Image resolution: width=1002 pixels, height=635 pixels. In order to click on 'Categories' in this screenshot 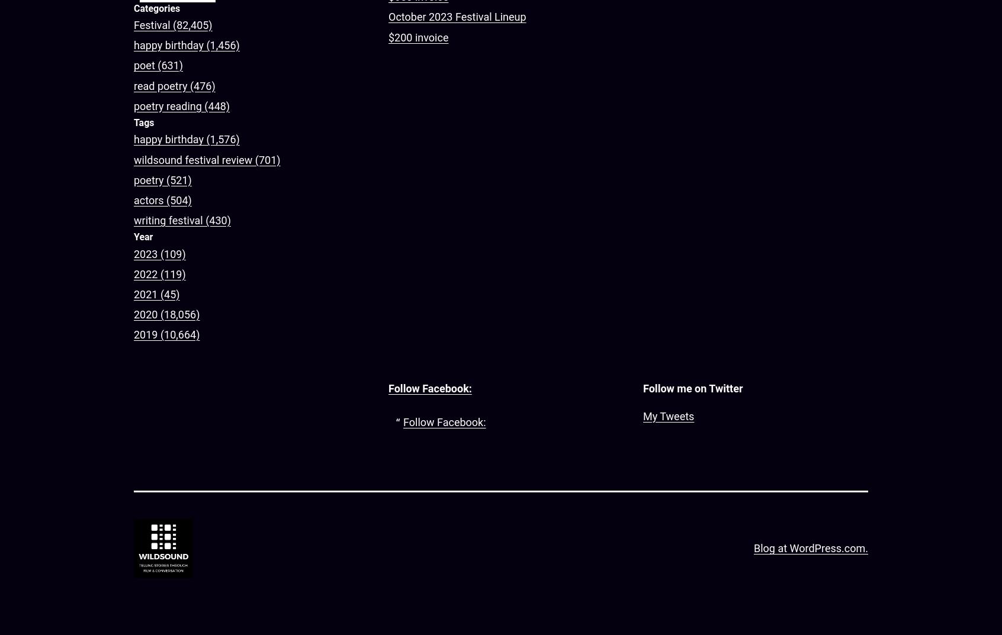, I will do `click(156, 7)`.